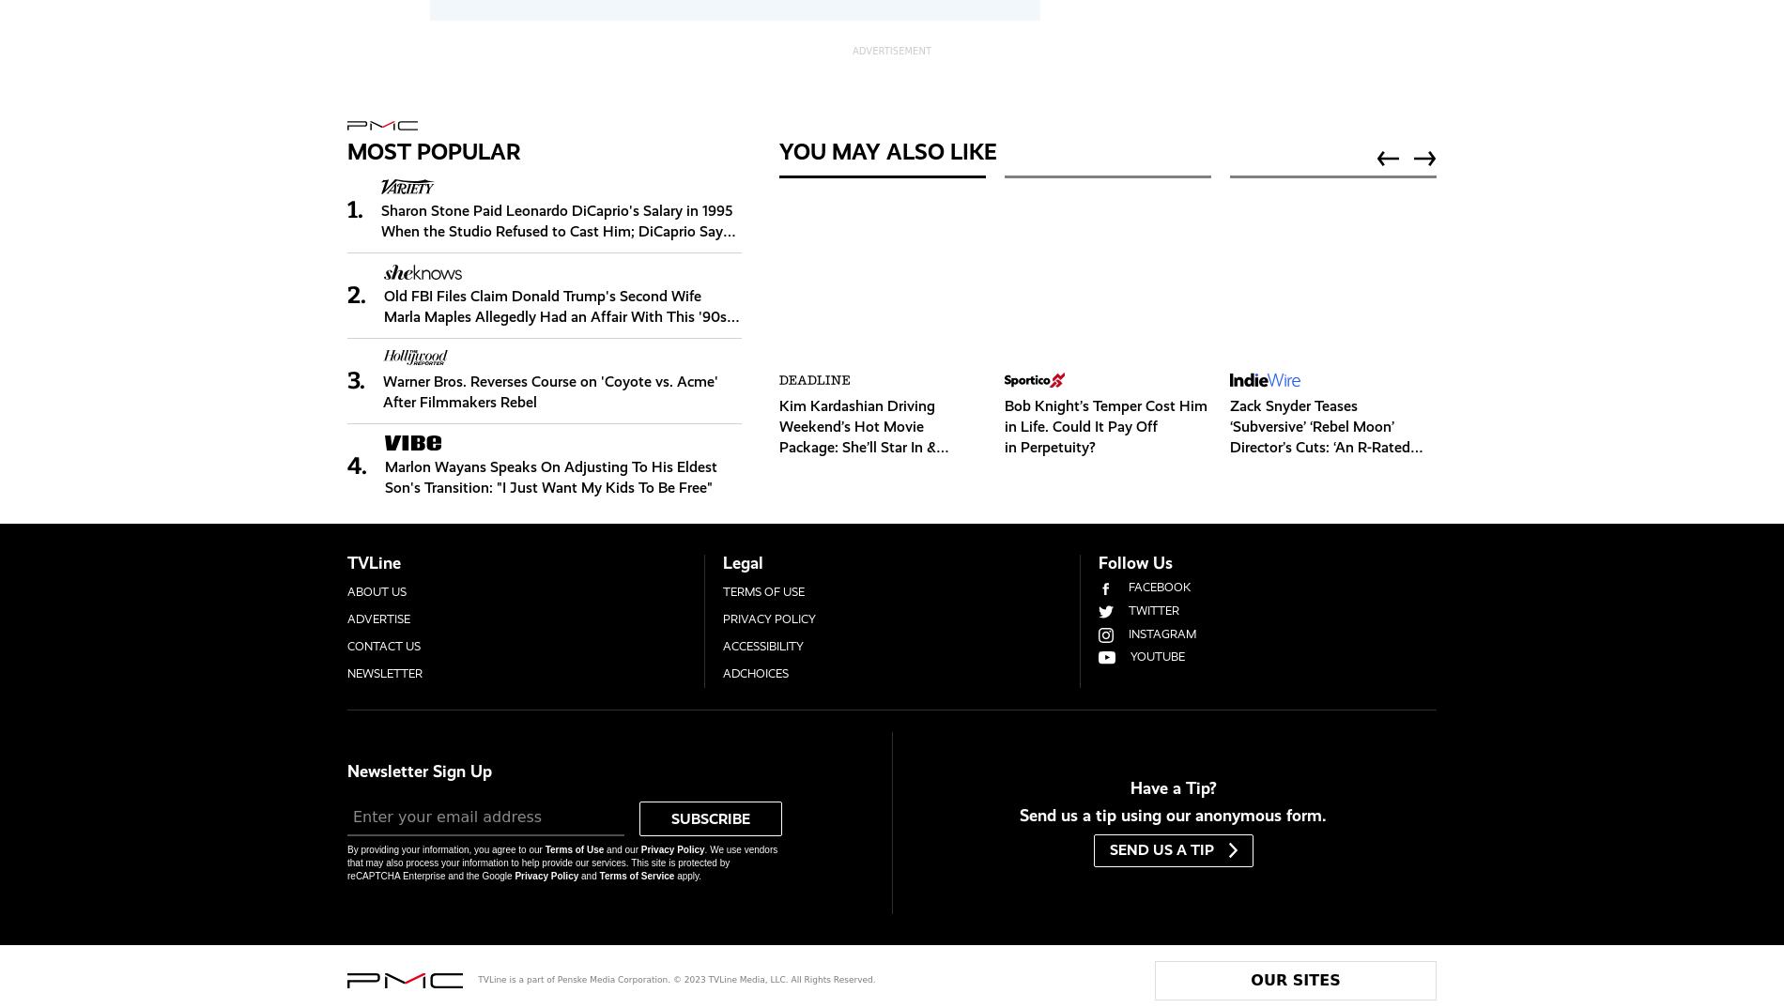  Describe the element at coordinates (550, 477) in the screenshot. I see `'Marlon Wayans Speaks On Adjusting To His Eldest Son's Transition: "I Just Want My Kids To Be Free"'` at that location.